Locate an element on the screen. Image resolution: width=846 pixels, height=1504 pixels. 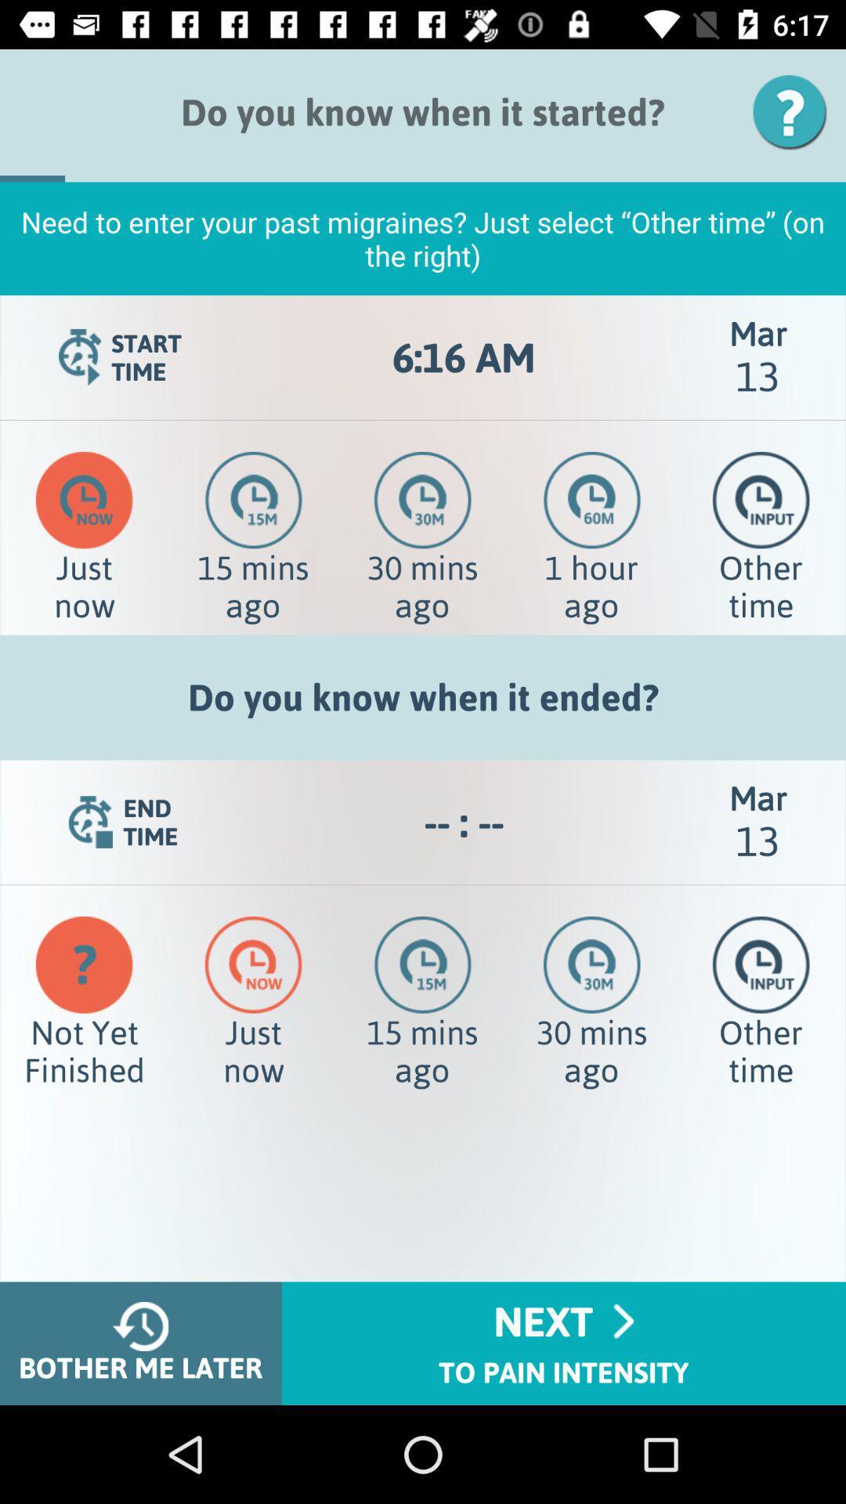
the time icon is located at coordinates (423, 963).